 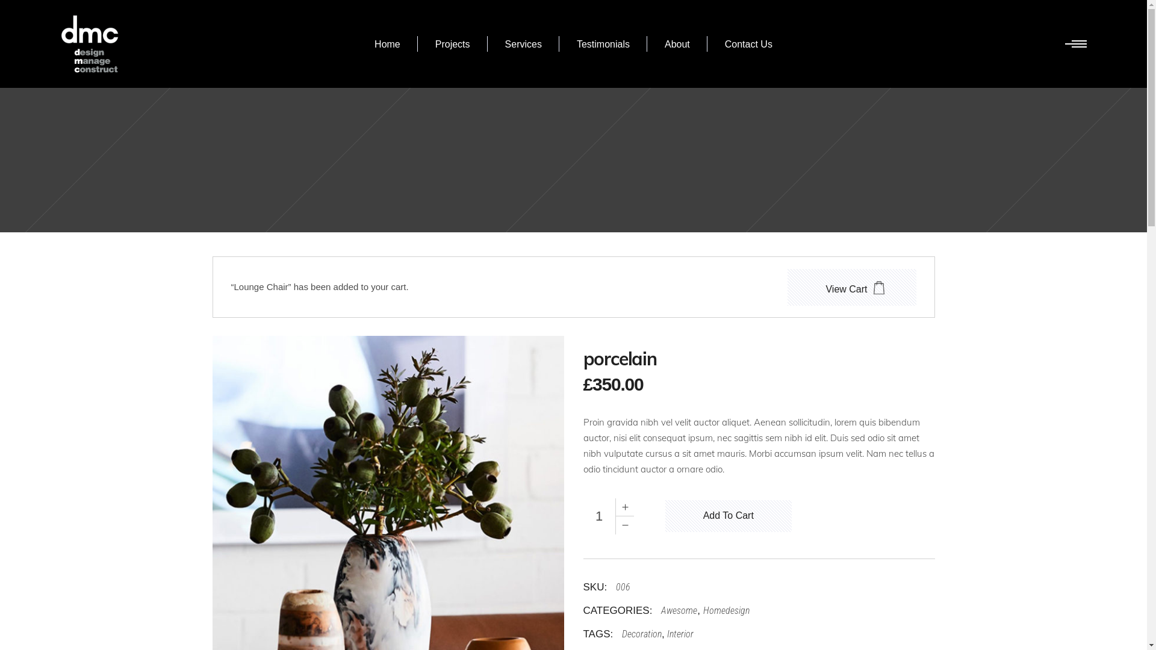 What do you see at coordinates (523, 43) in the screenshot?
I see `'Services'` at bounding box center [523, 43].